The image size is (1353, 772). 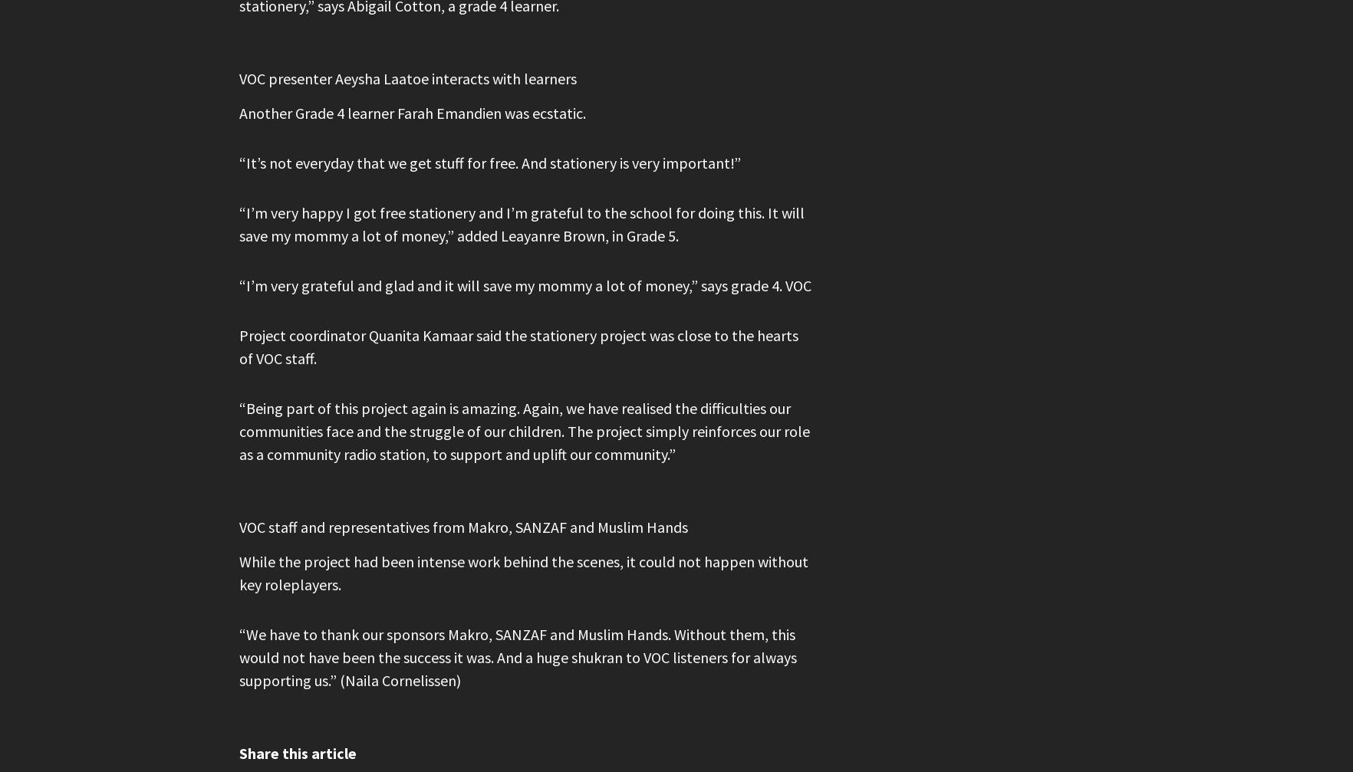 What do you see at coordinates (408, 78) in the screenshot?
I see `'VOC presenter Aeysha Laatoe interacts with learners'` at bounding box center [408, 78].